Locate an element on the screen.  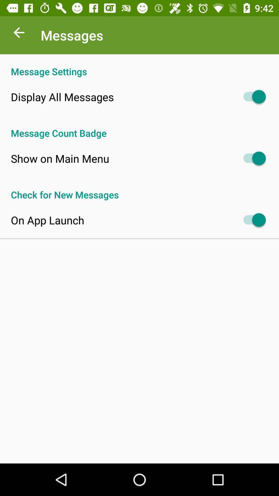
on app launch icon is located at coordinates (48, 220).